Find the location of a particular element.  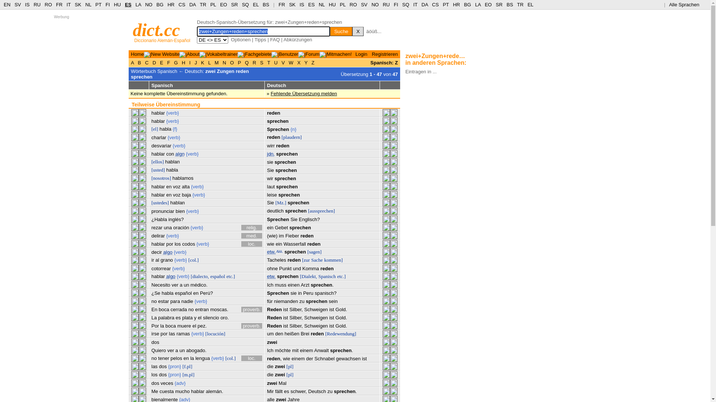

'[ellos]' is located at coordinates (157, 161).